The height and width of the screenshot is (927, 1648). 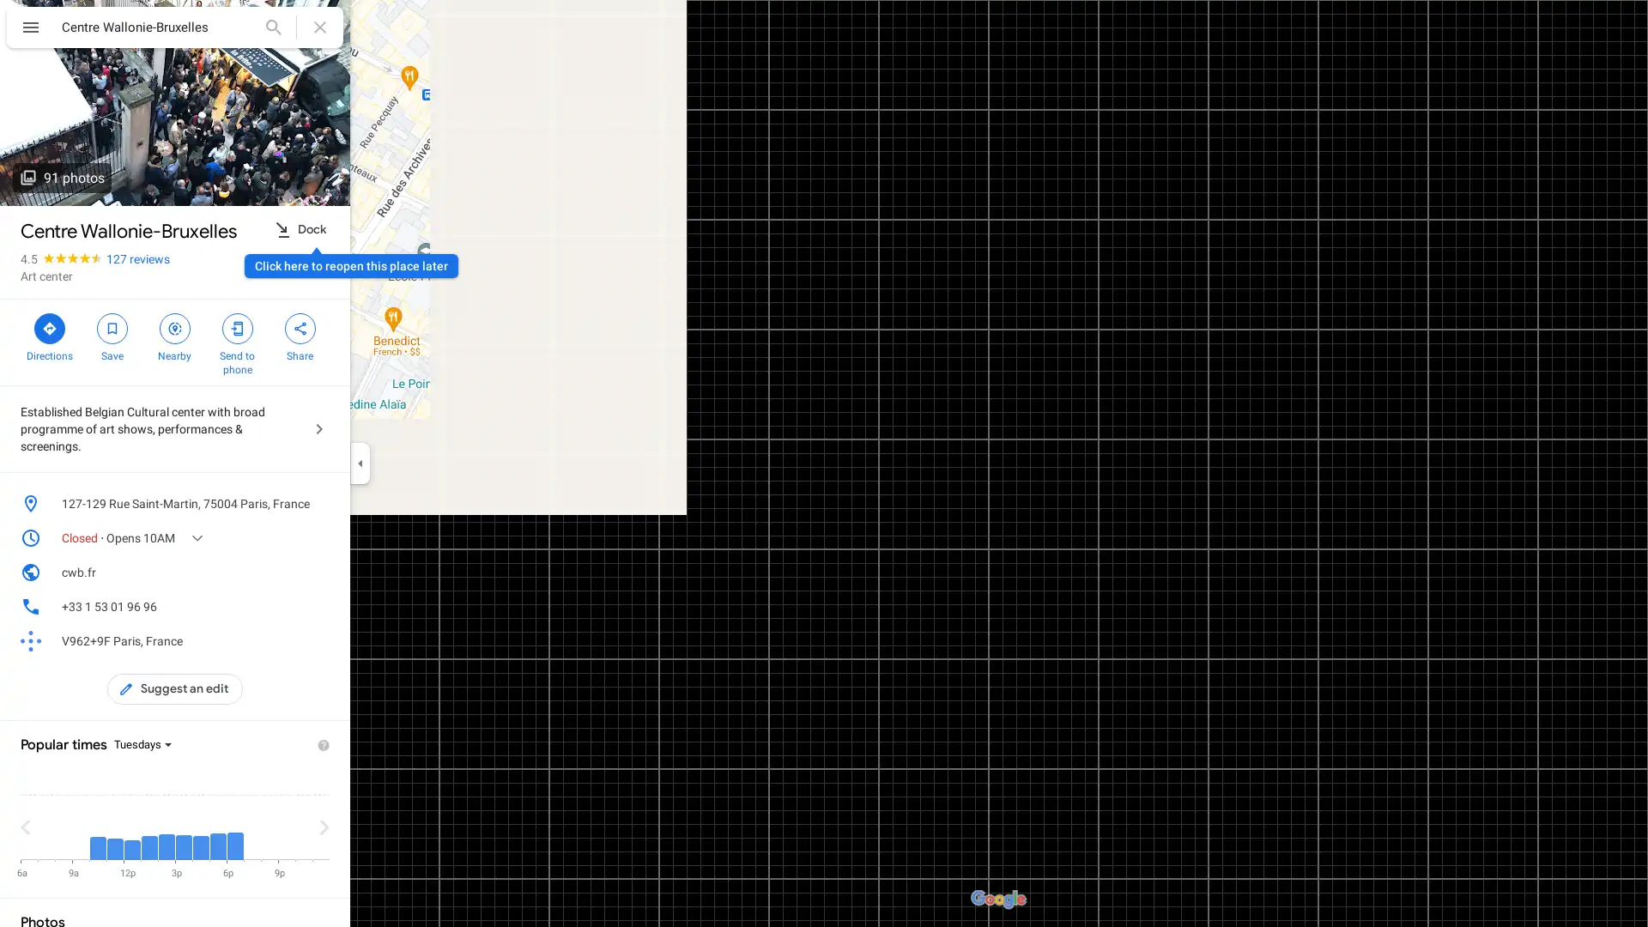 I want to click on Search, so click(x=272, y=27).